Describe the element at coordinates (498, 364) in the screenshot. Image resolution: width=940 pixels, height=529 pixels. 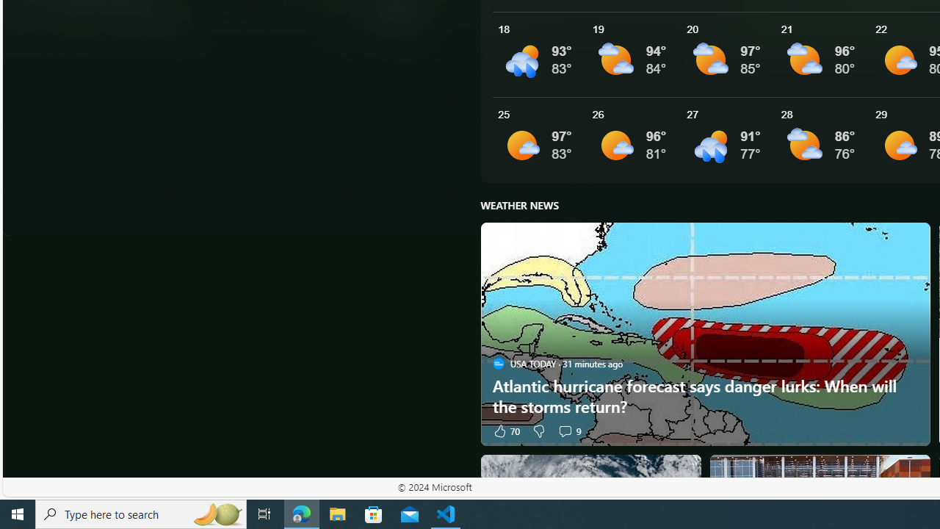
I see `'USA TODAY'` at that location.